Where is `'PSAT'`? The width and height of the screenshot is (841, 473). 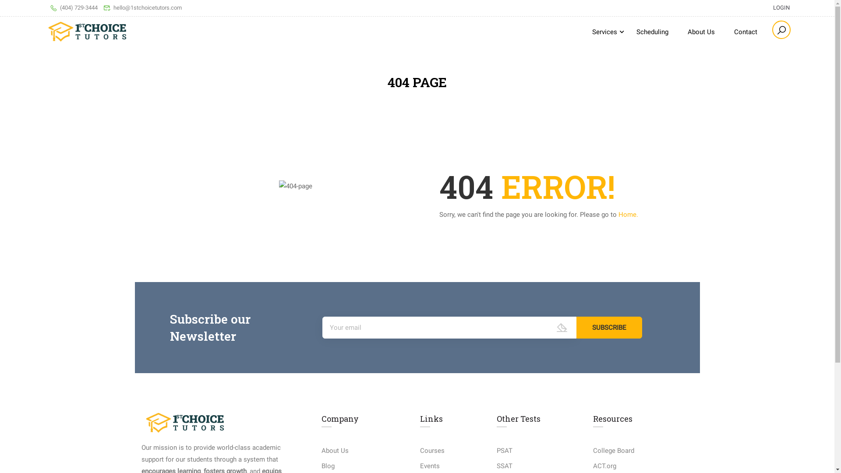 'PSAT' is located at coordinates (496, 451).